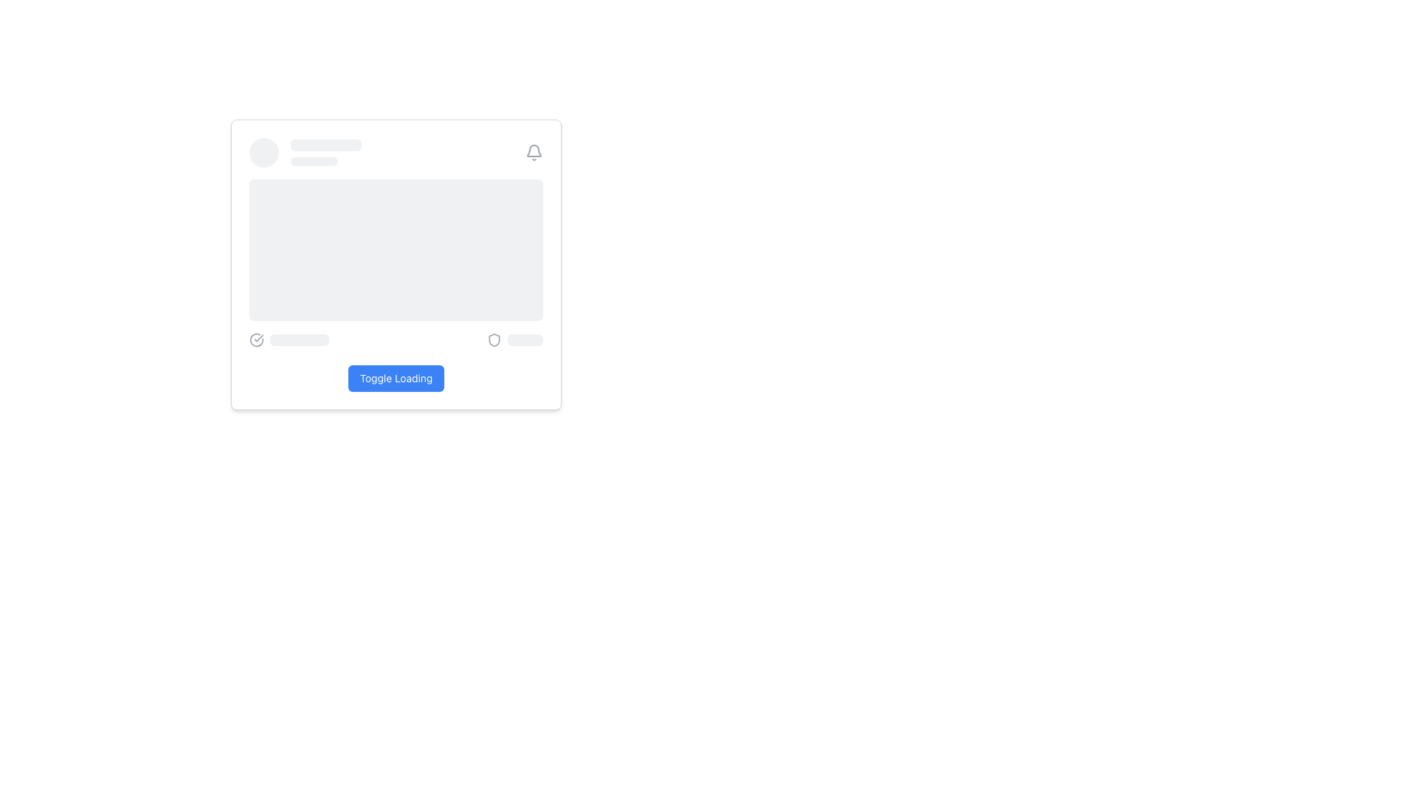  Describe the element at coordinates (325, 145) in the screenshot. I see `the Skeleton Loader Placeholder, which is a rectangular element with a light gray background and rounded corners, located at the upper section of the interface` at that location.